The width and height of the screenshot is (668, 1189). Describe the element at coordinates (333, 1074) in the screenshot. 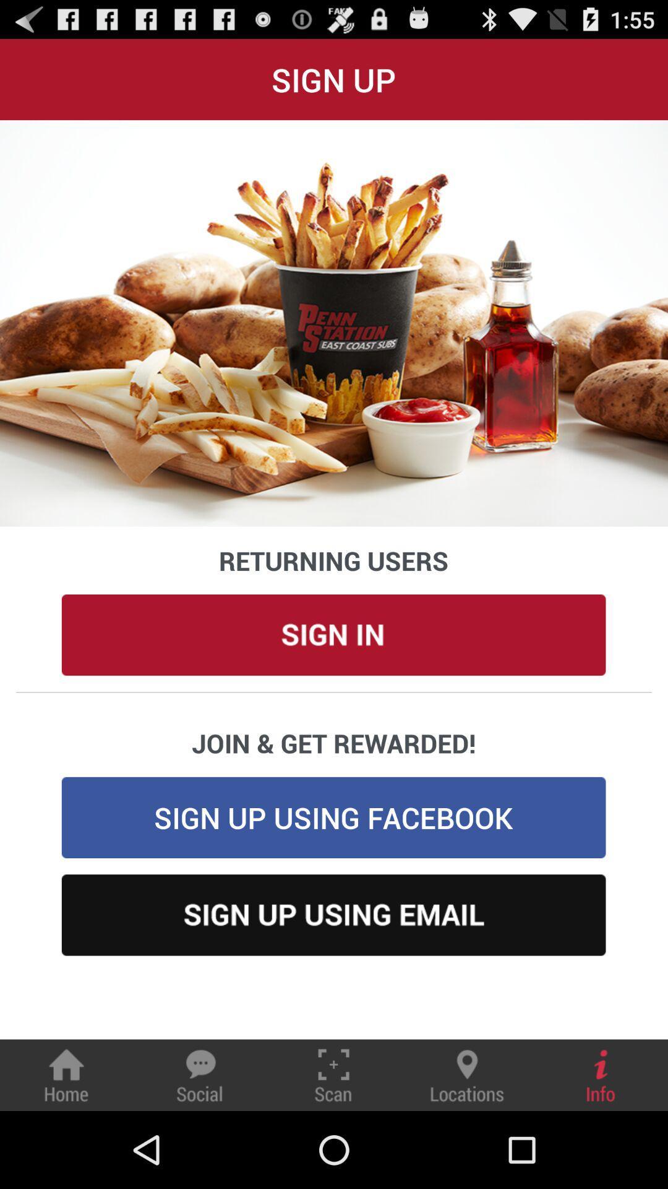

I see `the scan button along with image` at that location.